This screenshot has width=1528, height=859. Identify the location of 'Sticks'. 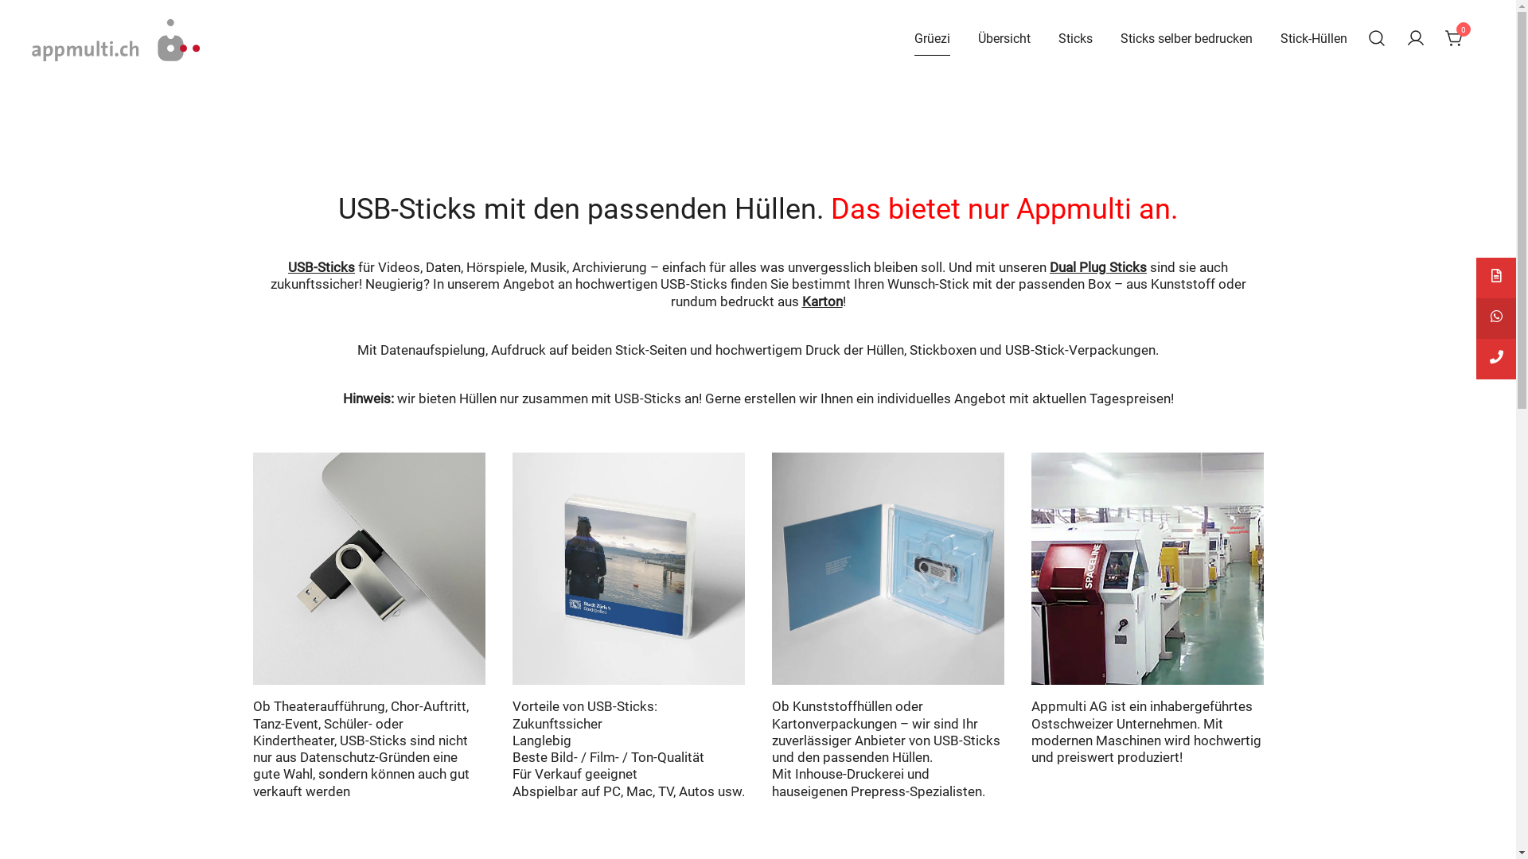
(1058, 38).